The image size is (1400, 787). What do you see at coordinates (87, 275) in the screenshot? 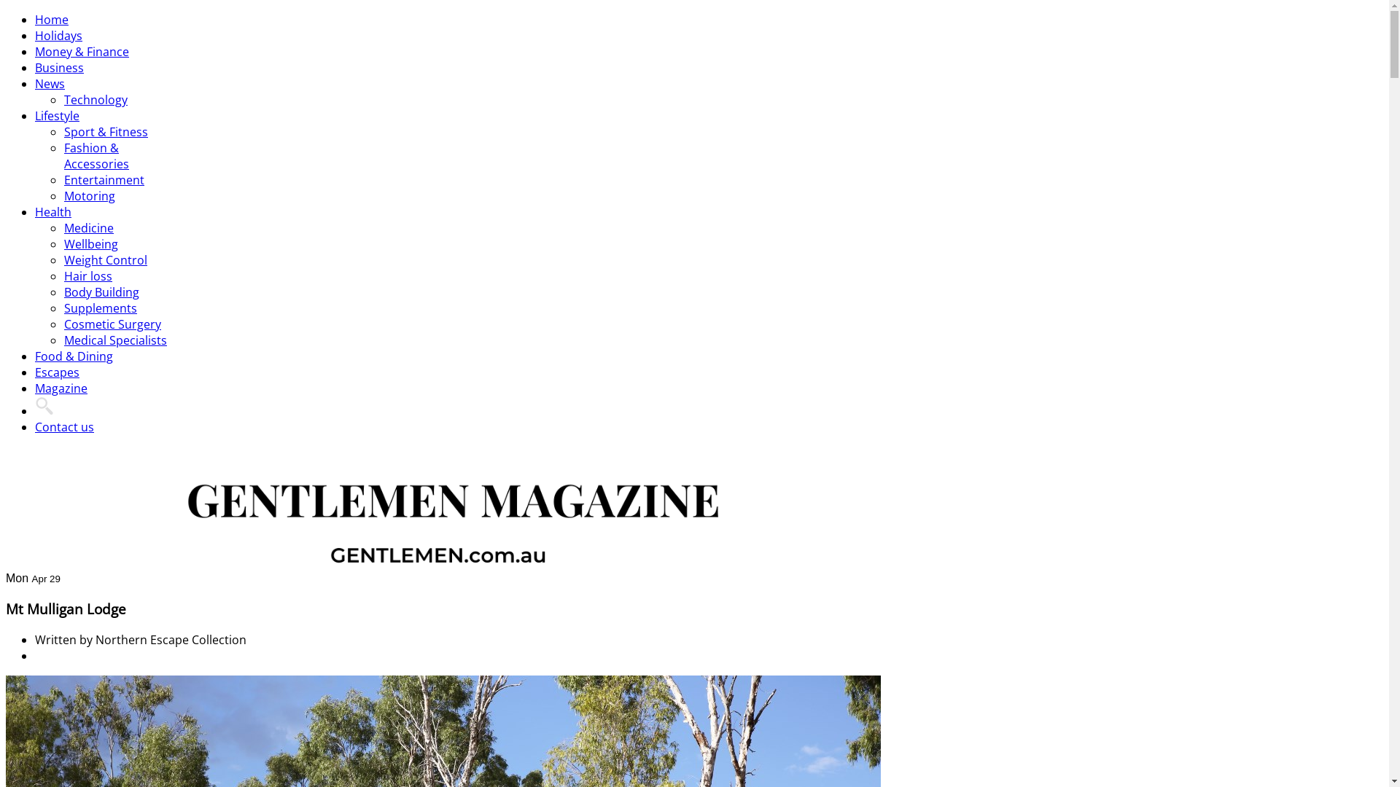
I see `'Hair loss'` at bounding box center [87, 275].